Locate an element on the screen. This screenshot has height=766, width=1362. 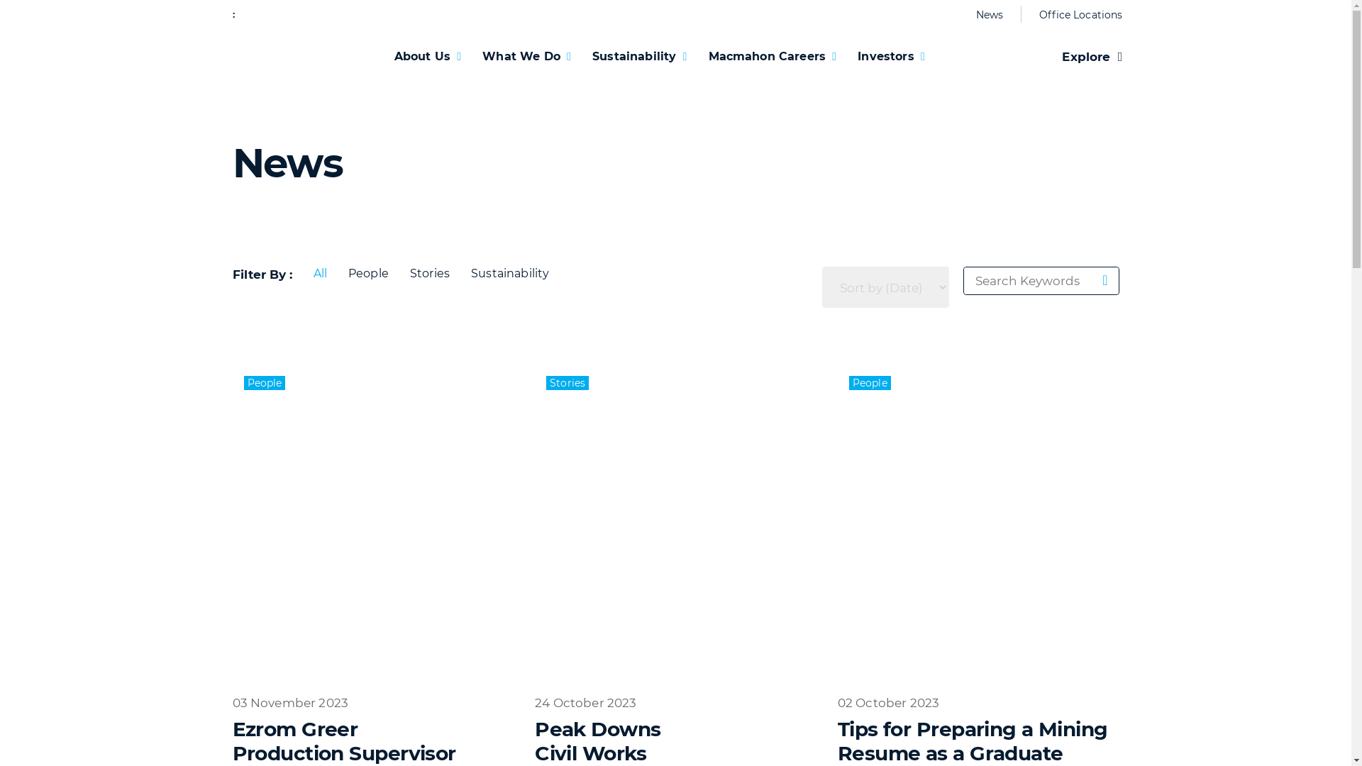
'All' is located at coordinates (319, 273).